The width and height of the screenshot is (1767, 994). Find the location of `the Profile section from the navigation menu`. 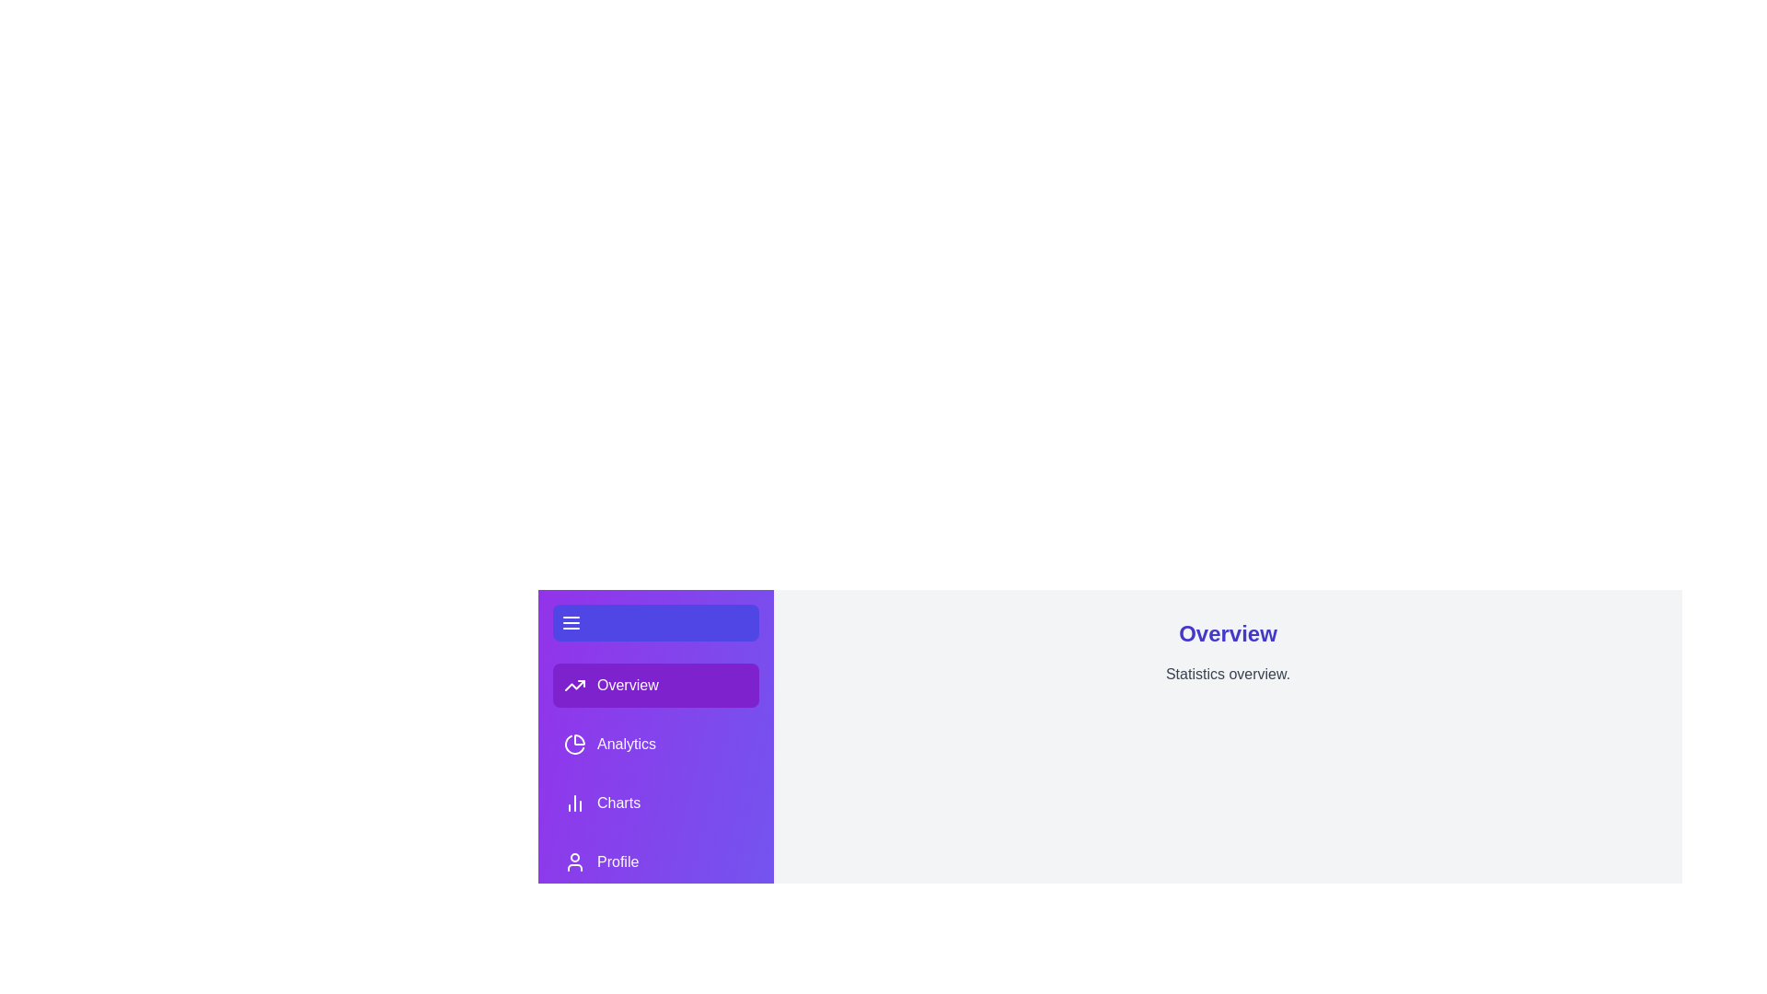

the Profile section from the navigation menu is located at coordinates (656, 862).